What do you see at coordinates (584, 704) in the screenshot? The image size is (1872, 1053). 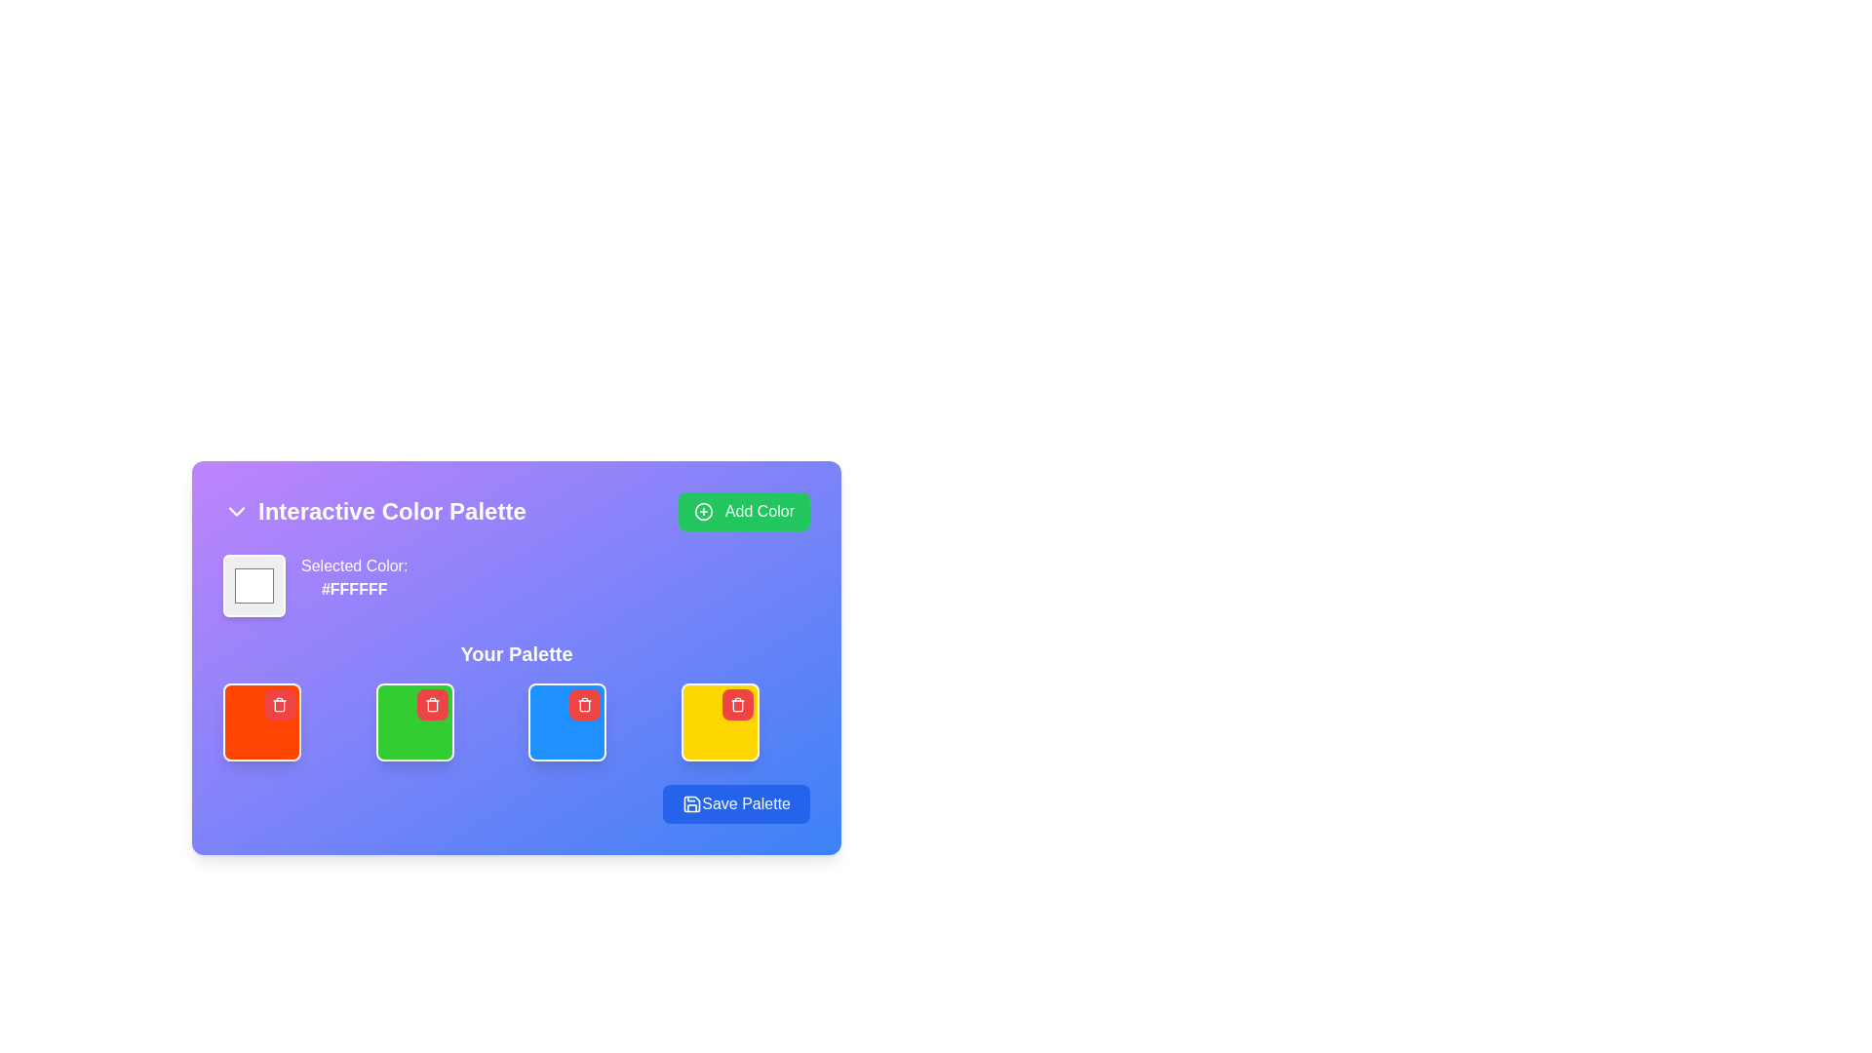 I see `the delete icon button for the blue square in the 'Your Palette' section` at bounding box center [584, 704].